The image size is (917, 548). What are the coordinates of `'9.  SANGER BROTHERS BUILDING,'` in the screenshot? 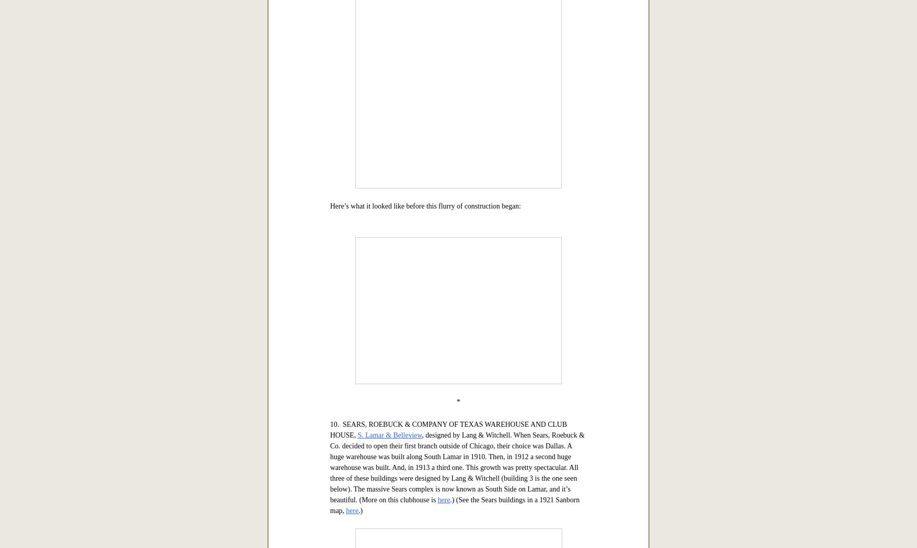 It's located at (330, 81).